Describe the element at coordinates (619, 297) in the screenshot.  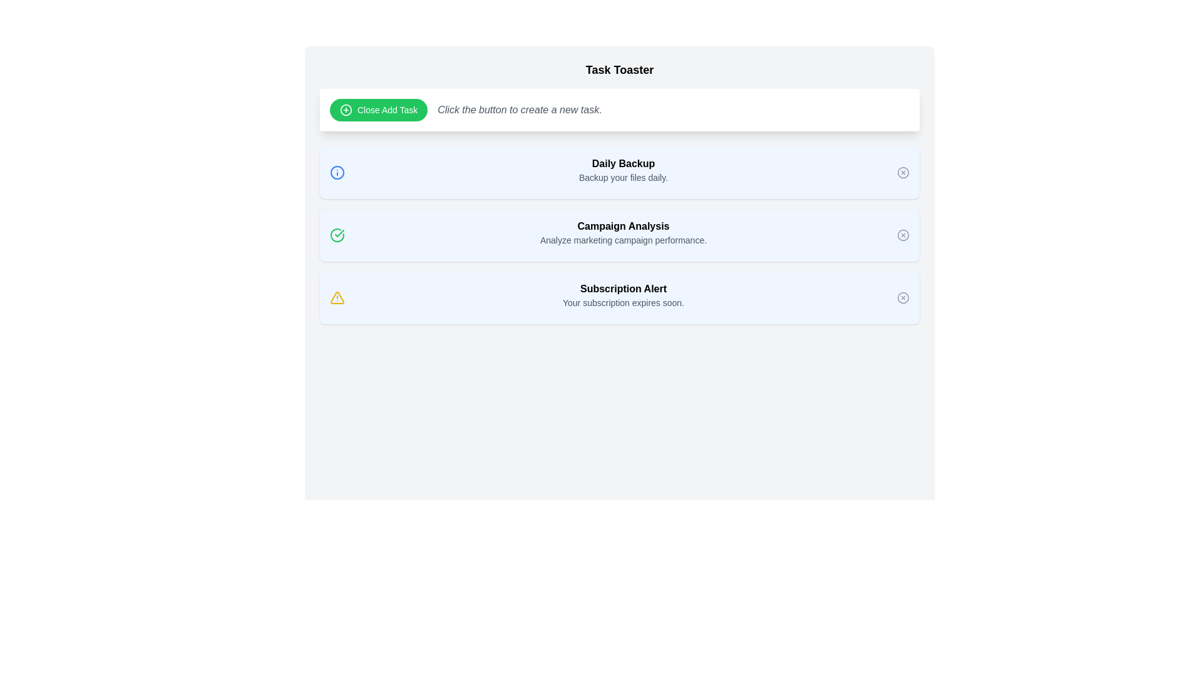
I see `the Notification card displaying 'Subscription Alert' with a light blue background and a yellow alert icon, located third in a vertical stack of notifications` at that location.